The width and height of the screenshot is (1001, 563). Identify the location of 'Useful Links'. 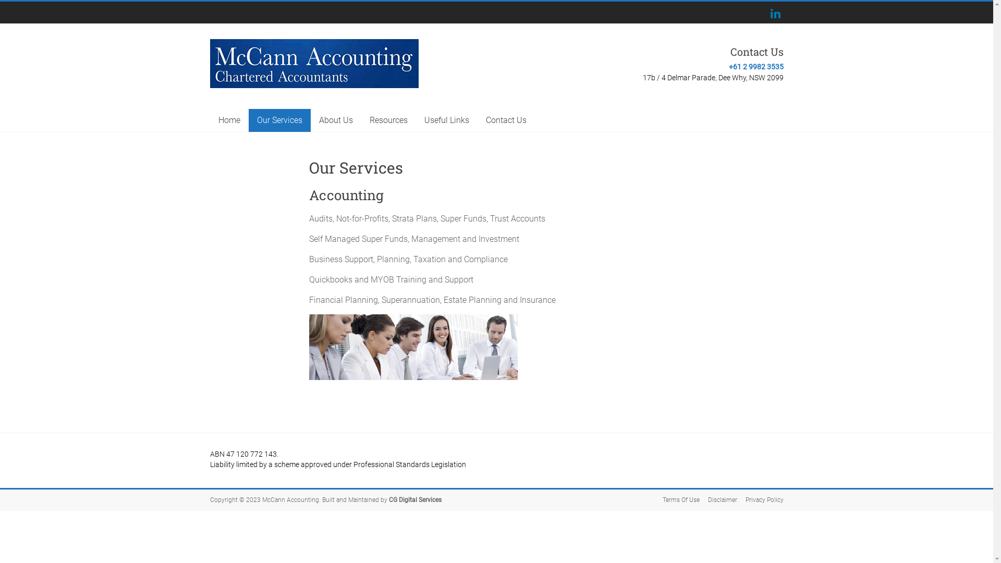
(447, 120).